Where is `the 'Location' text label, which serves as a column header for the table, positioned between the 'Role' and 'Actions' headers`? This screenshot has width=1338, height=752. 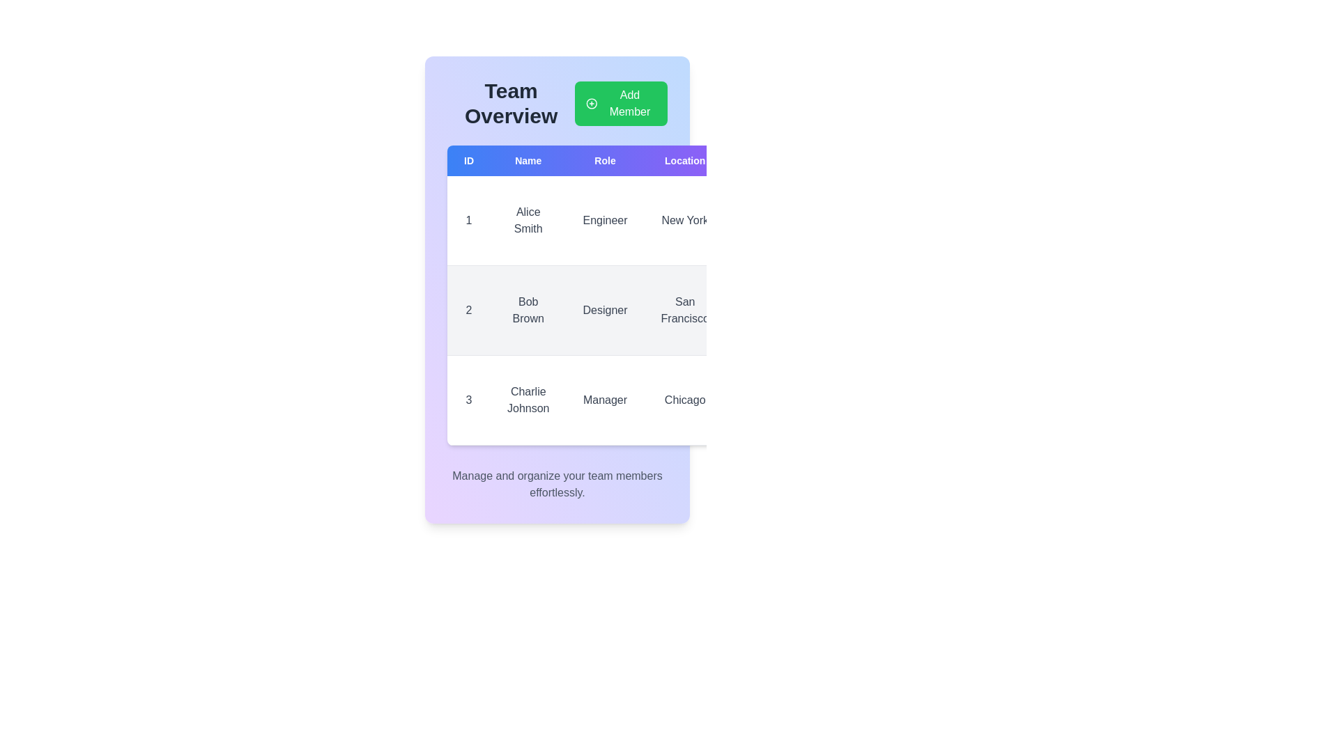 the 'Location' text label, which serves as a column header for the table, positioned between the 'Role' and 'Actions' headers is located at coordinates (685, 160).